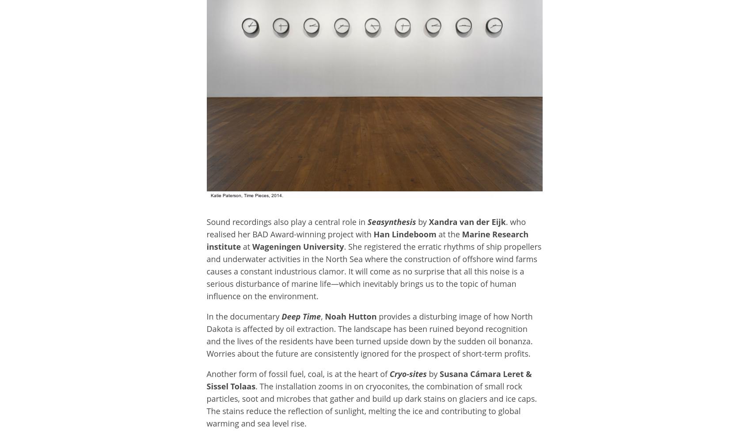 This screenshot has height=434, width=749. Describe the element at coordinates (367, 240) in the screenshot. I see `'Marine Research institute'` at that location.